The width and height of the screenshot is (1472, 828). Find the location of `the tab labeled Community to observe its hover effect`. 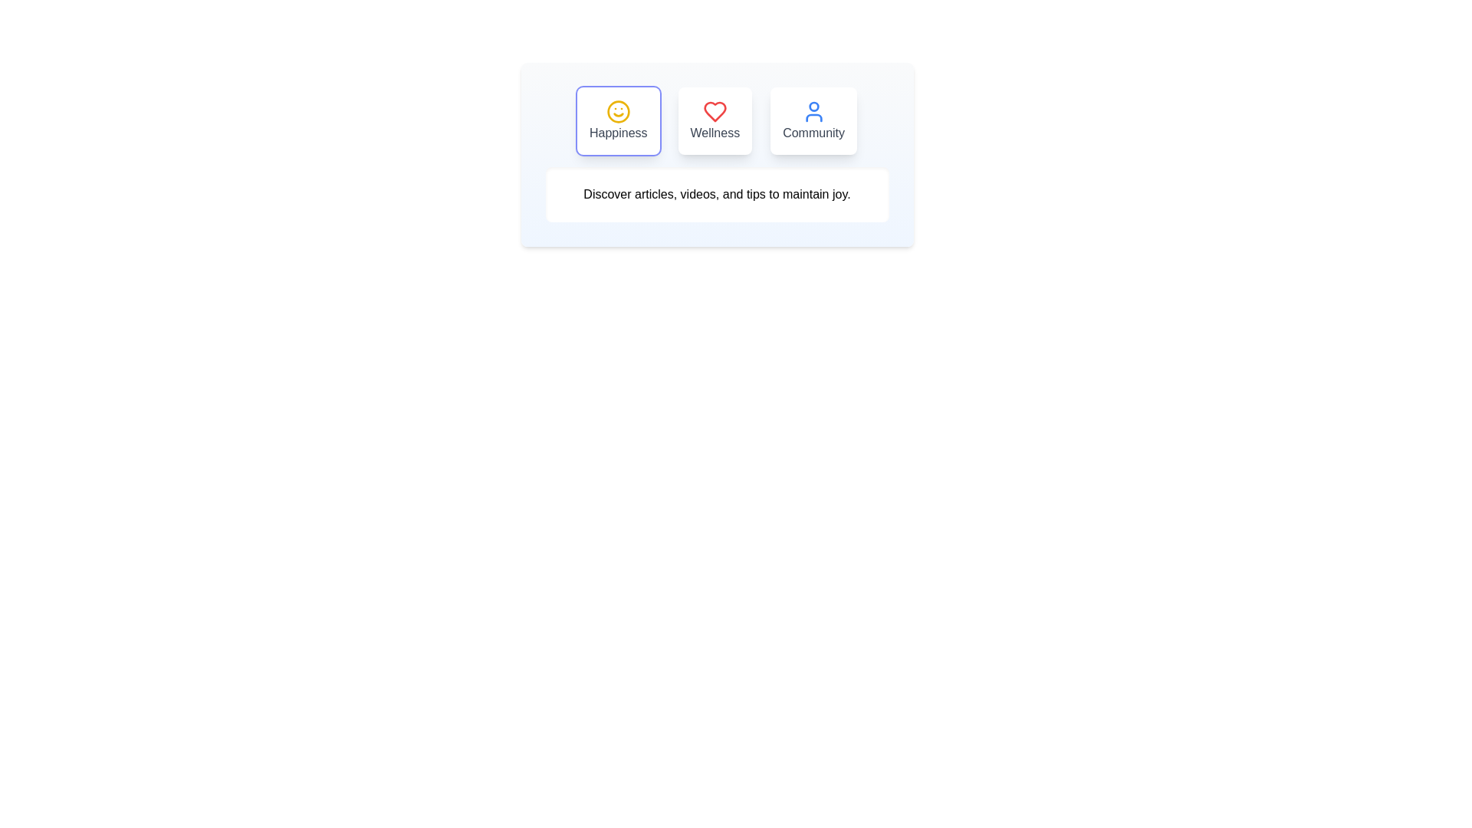

the tab labeled Community to observe its hover effect is located at coordinates (813, 120).